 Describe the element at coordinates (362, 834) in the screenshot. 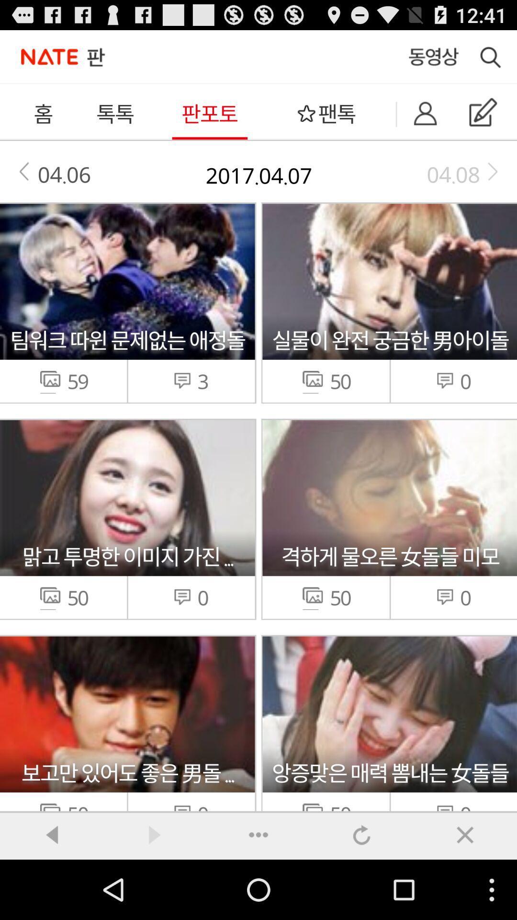

I see `undo option` at that location.